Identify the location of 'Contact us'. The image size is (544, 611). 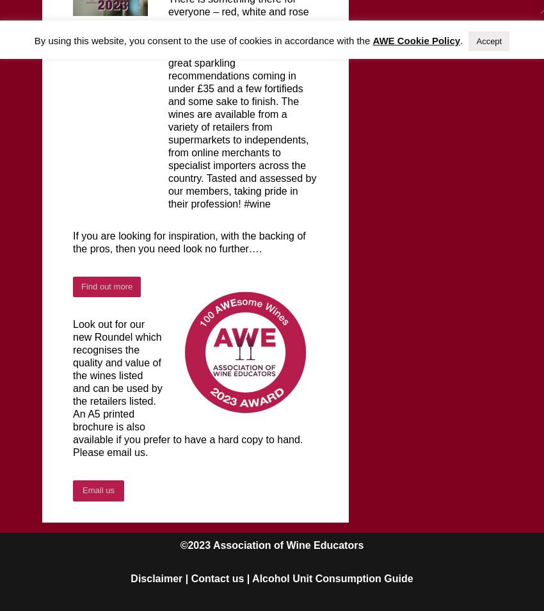
(217, 578).